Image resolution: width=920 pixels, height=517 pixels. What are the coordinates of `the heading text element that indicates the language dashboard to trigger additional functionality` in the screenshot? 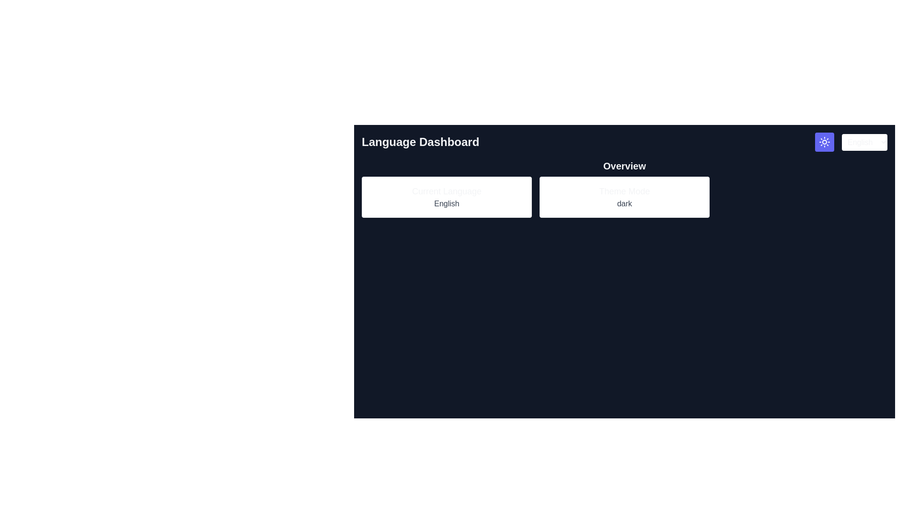 It's located at (420, 142).